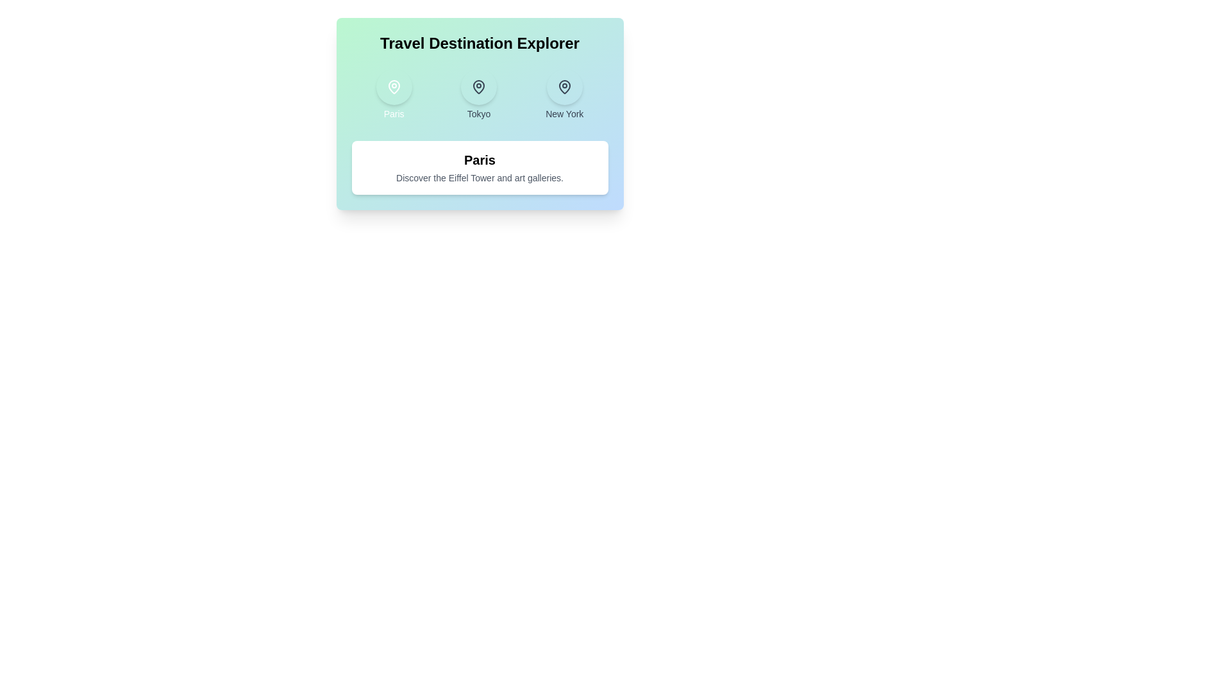 This screenshot has width=1231, height=692. What do you see at coordinates (479, 43) in the screenshot?
I see `the static text heading 'Travel Destination Explorer'` at bounding box center [479, 43].